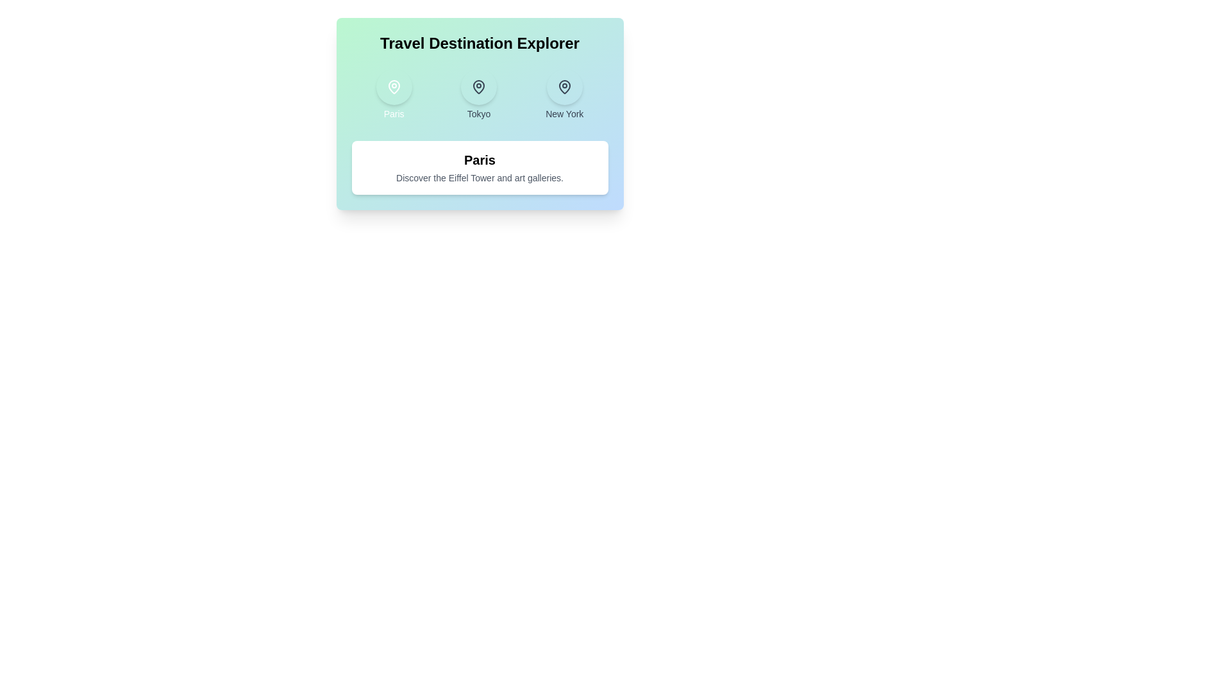 This screenshot has width=1231, height=692. What do you see at coordinates (479, 43) in the screenshot?
I see `the static text heading 'Travel Destination Explorer'` at bounding box center [479, 43].